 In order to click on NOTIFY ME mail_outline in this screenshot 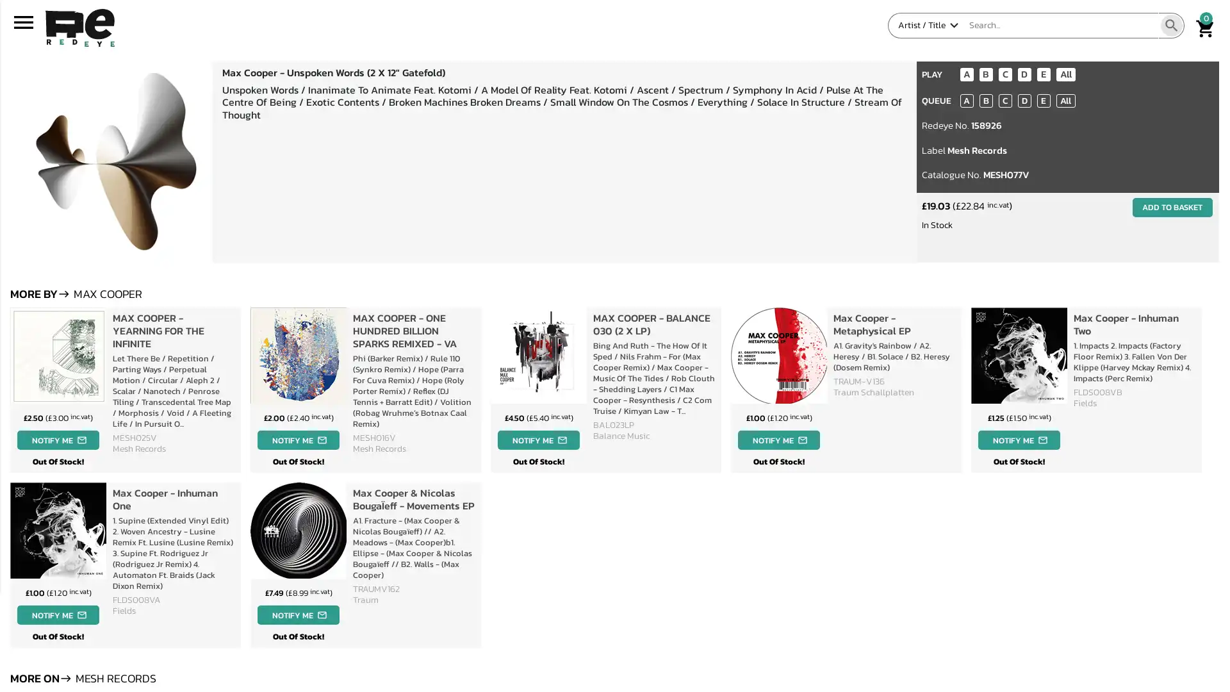, I will do `click(778, 439)`.